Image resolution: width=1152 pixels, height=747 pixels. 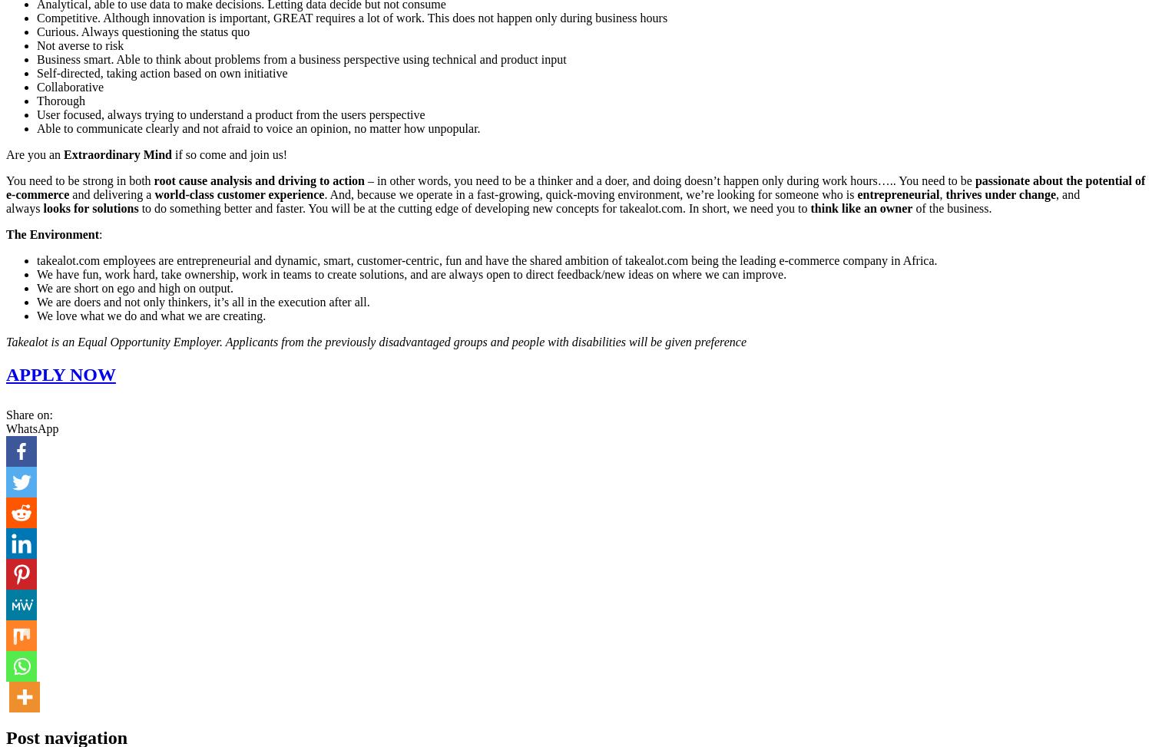 What do you see at coordinates (301, 58) in the screenshot?
I see `'Business smart. Able to think about problems from a business perspective using technical and product input'` at bounding box center [301, 58].